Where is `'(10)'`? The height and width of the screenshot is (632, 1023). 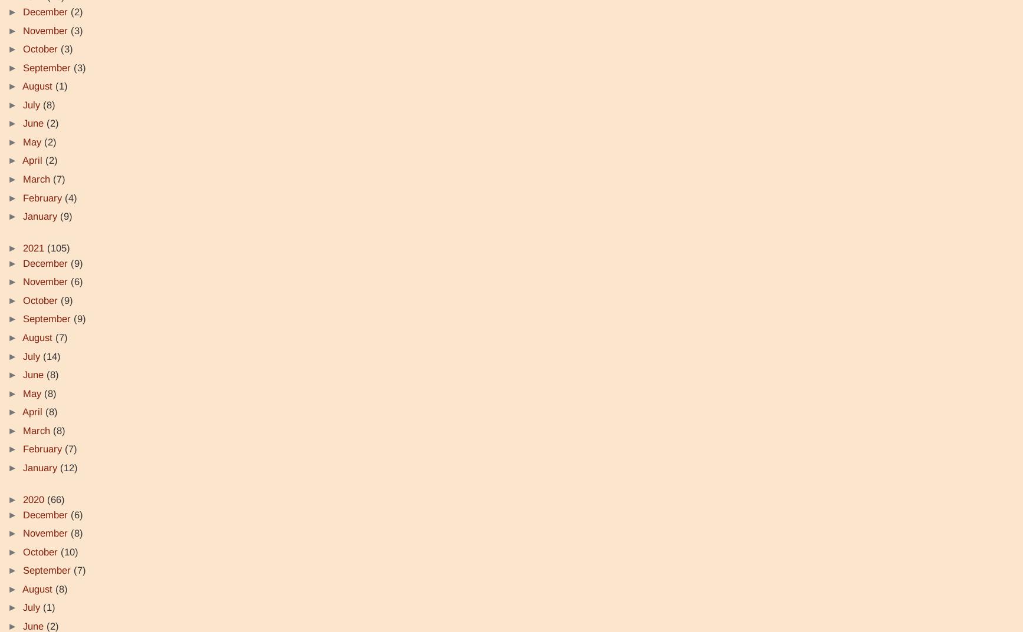 '(10)' is located at coordinates (69, 551).